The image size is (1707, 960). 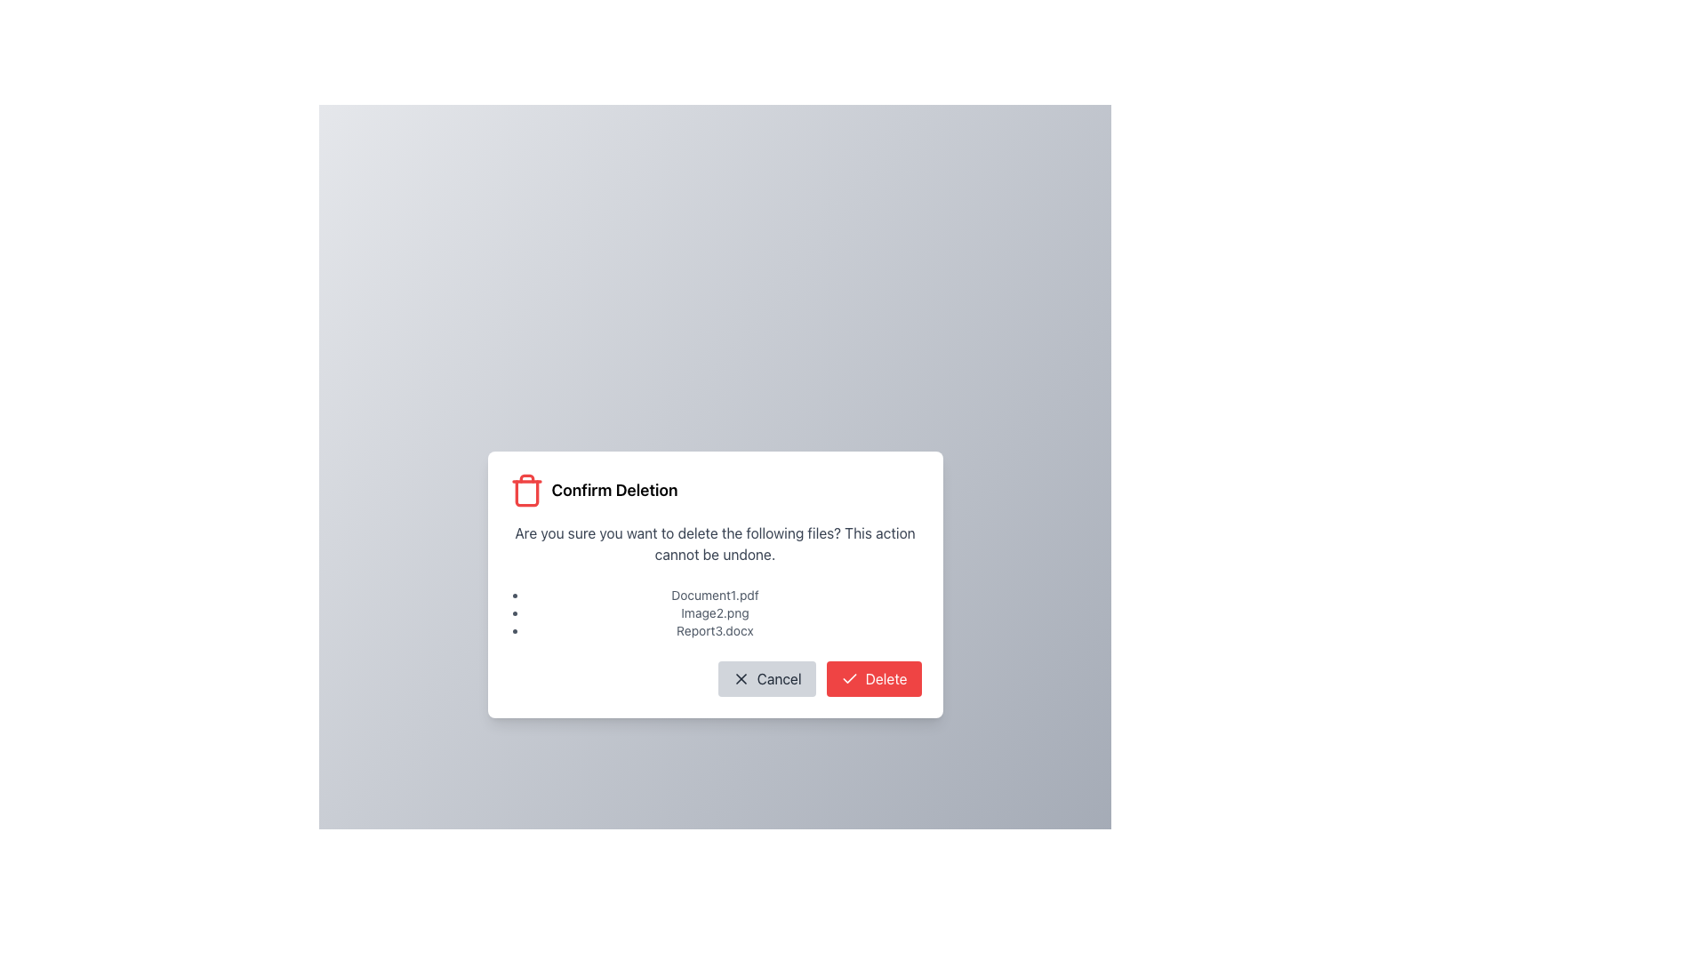 I want to click on the close/cancel SVG icon located in the Cancel button of the modal dialog box, so click(x=741, y=678).